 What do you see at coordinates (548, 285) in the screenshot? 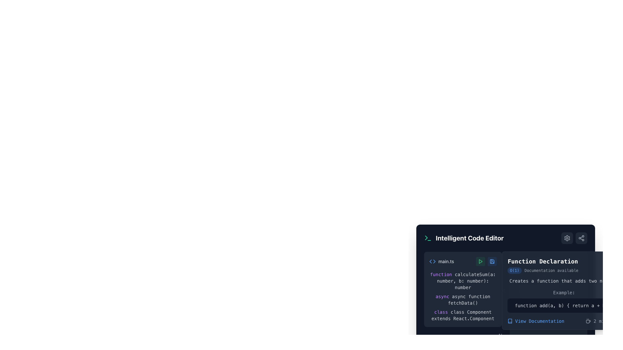
I see `the text display element located in the lower-right section of the 'Output' pane, which shows progress and results of operations, specifically between 'Running tests...' and 'All tests passed'` at bounding box center [548, 285].